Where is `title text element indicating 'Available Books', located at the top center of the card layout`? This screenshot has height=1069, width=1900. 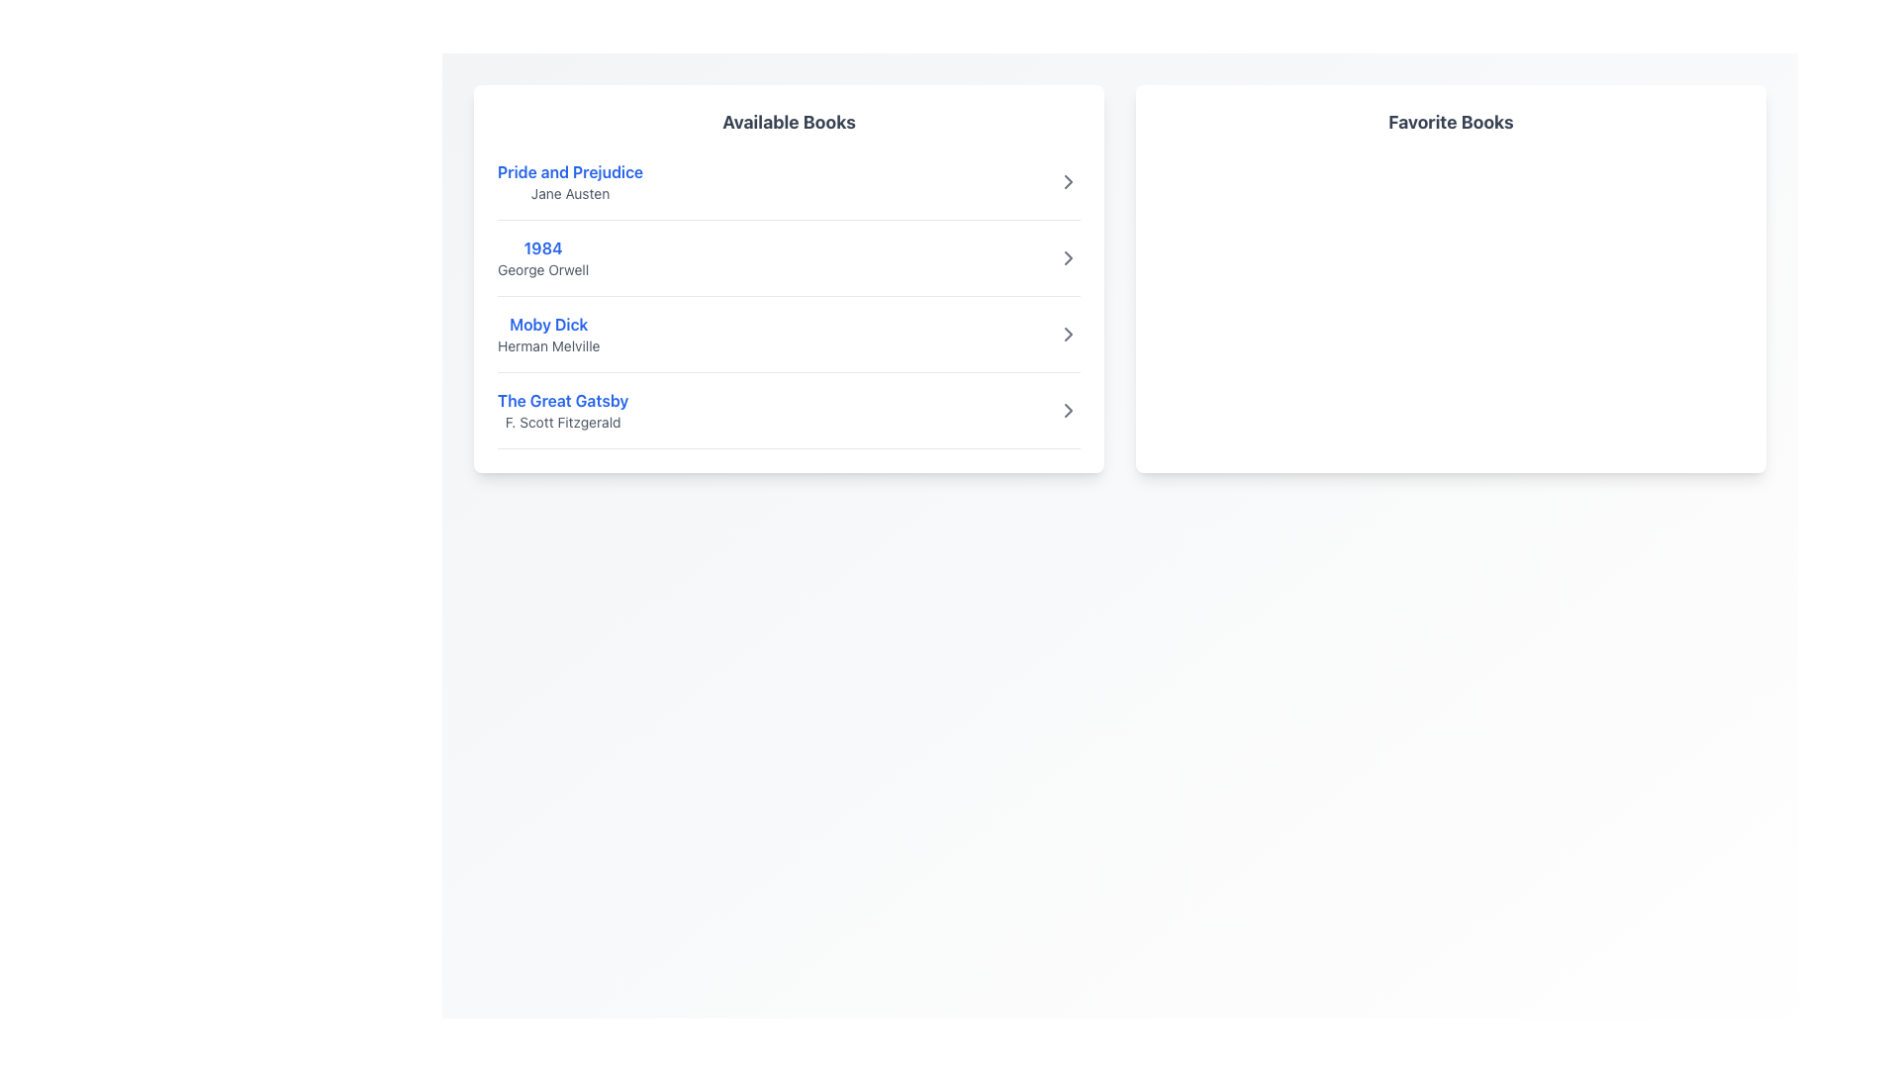 title text element indicating 'Available Books', located at the top center of the card layout is located at coordinates (788, 122).